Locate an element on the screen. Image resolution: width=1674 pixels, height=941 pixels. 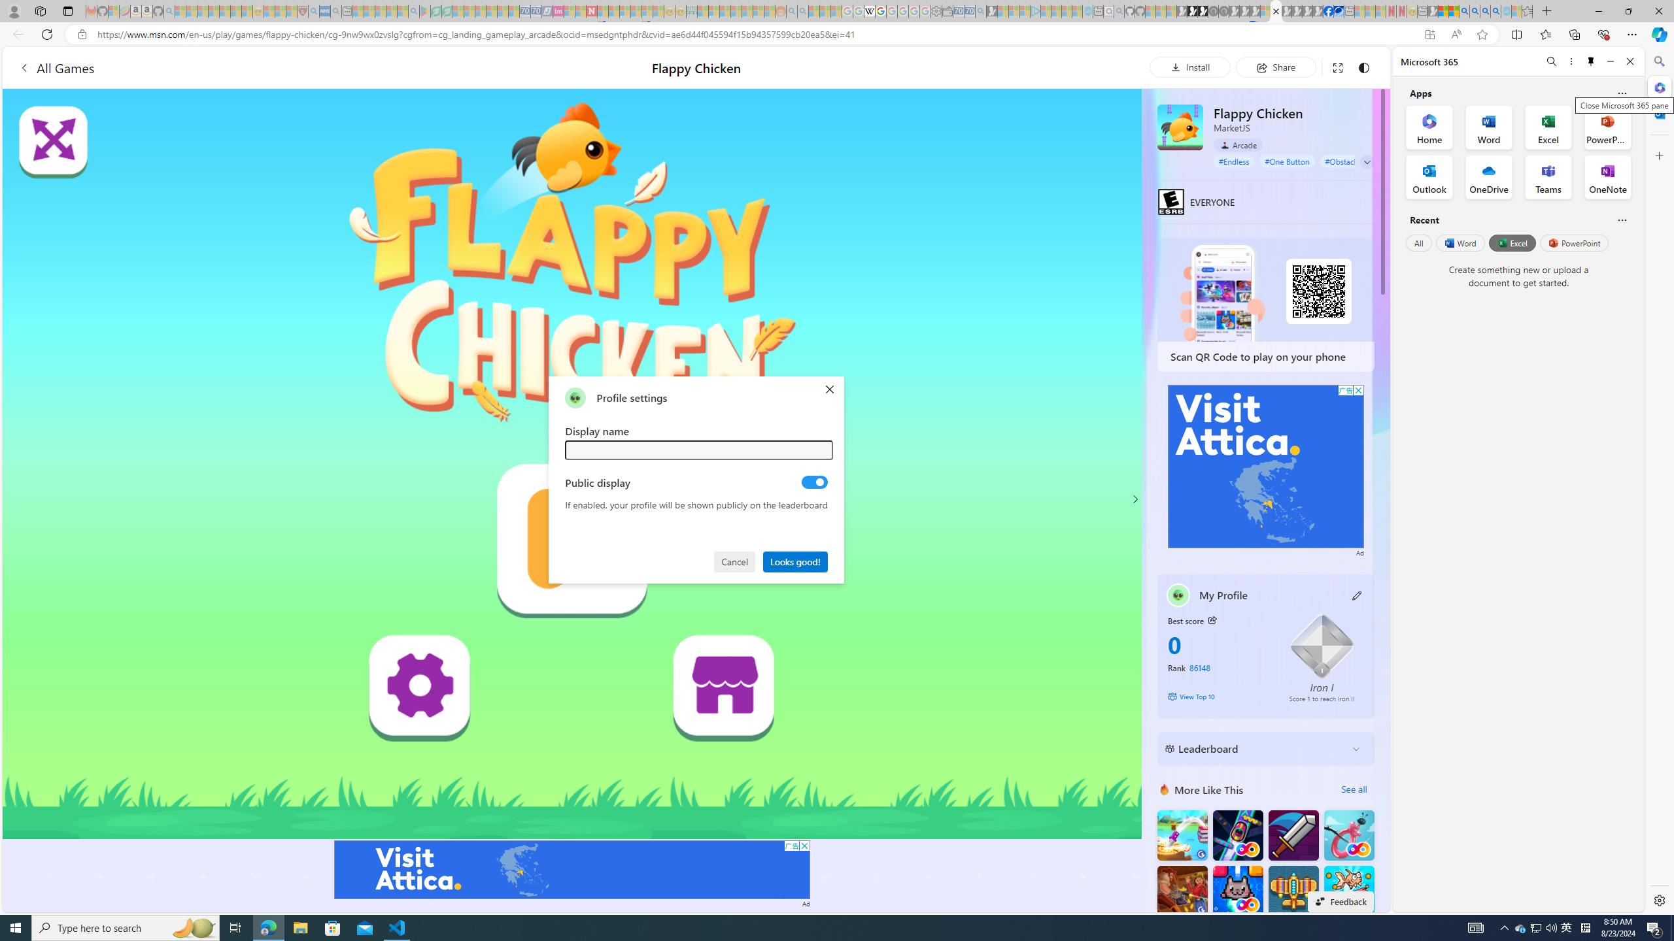
'Settings - Sleeping' is located at coordinates (936, 10).